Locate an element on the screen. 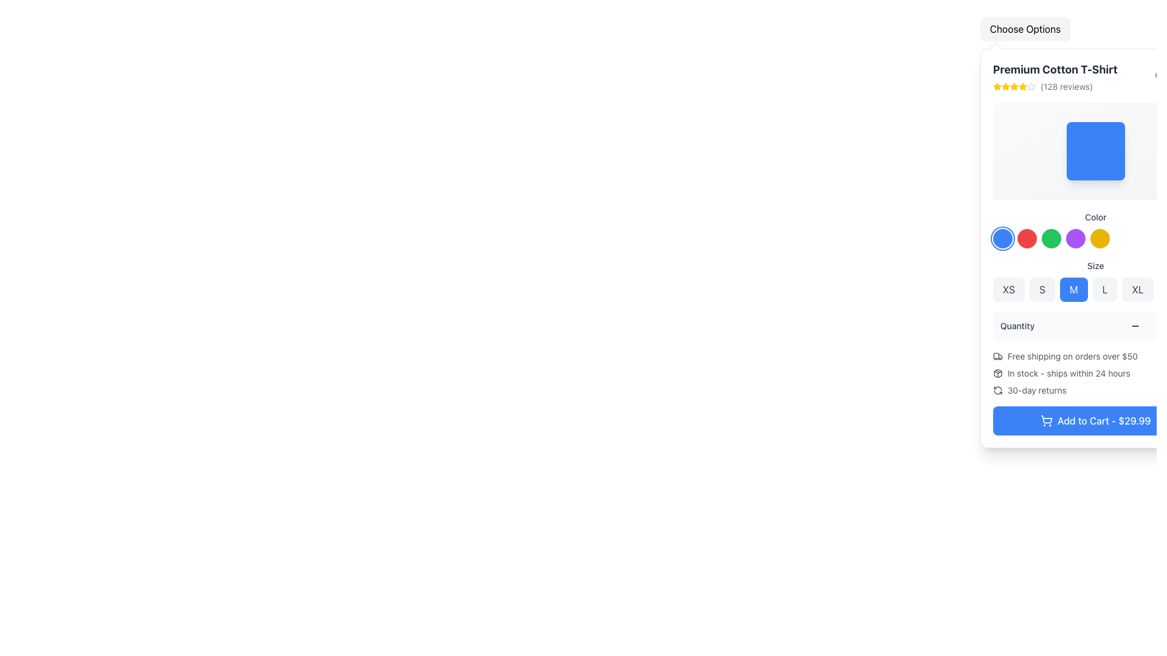 This screenshot has width=1167, height=656. the third star icon in the 5-star rating system located near the title 'Premium Cotton T-Shirt' is located at coordinates (1005, 86).